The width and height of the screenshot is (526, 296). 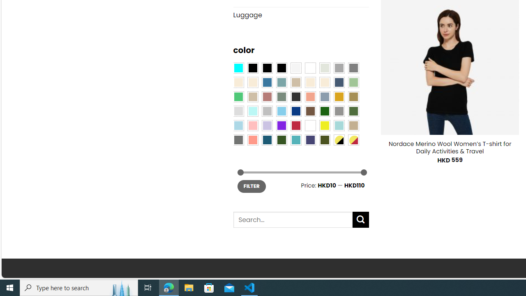 What do you see at coordinates (353, 125) in the screenshot?
I see `'Khaki'` at bounding box center [353, 125].